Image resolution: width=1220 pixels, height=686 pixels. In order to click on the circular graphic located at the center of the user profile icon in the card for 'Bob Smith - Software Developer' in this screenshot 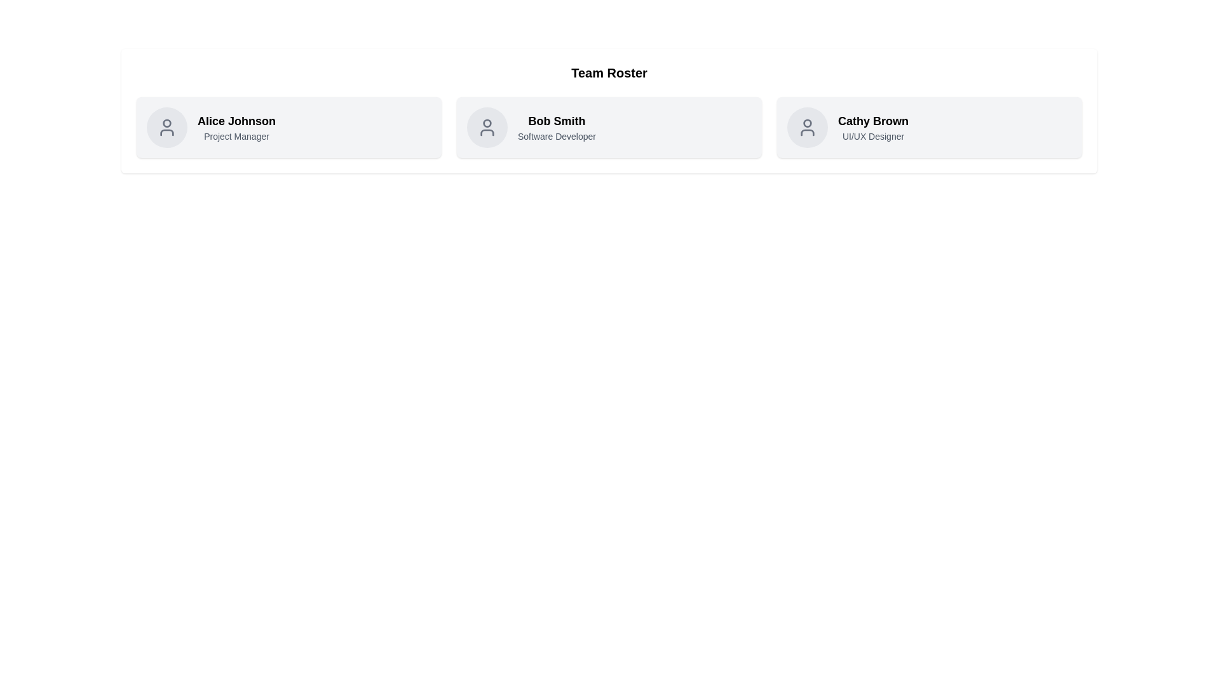, I will do `click(487, 123)`.